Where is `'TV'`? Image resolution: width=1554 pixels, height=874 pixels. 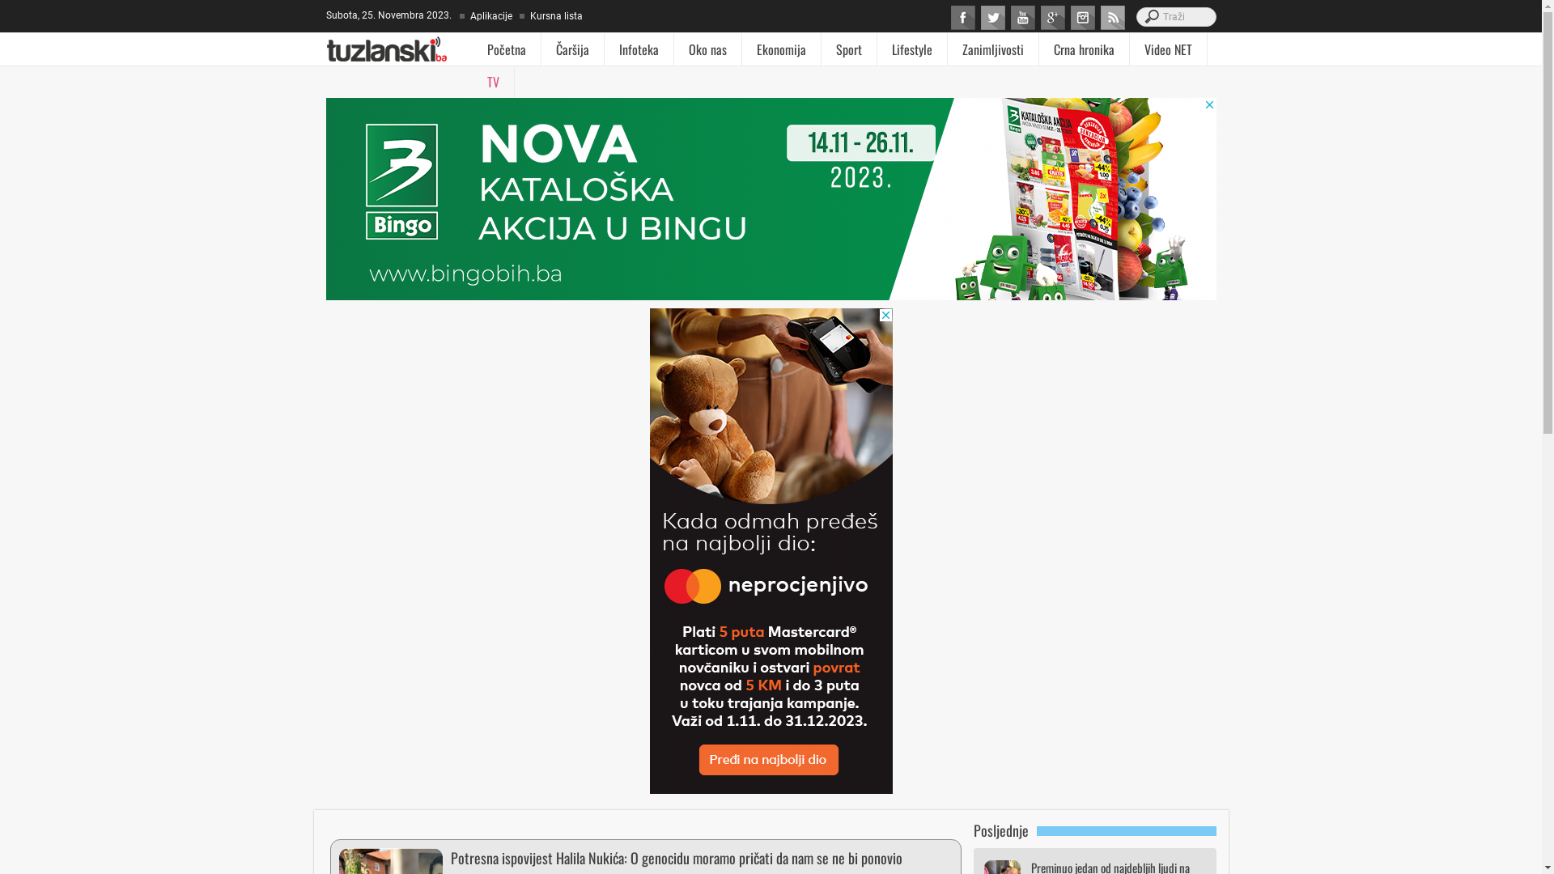 'TV' is located at coordinates (492, 81).